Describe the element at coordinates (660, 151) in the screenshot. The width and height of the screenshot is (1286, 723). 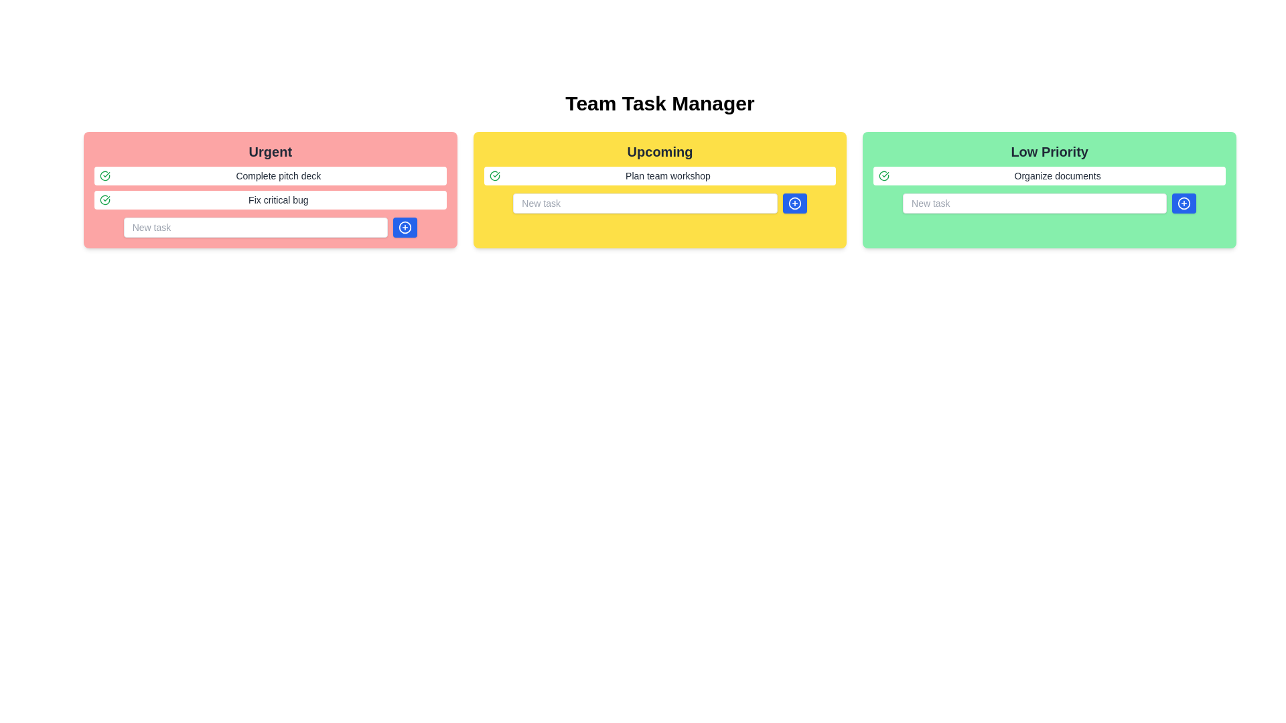
I see `the 'Upcoming' title text label located at the top section of the yellow background card, which is positioned in the center of a tri-column layout` at that location.